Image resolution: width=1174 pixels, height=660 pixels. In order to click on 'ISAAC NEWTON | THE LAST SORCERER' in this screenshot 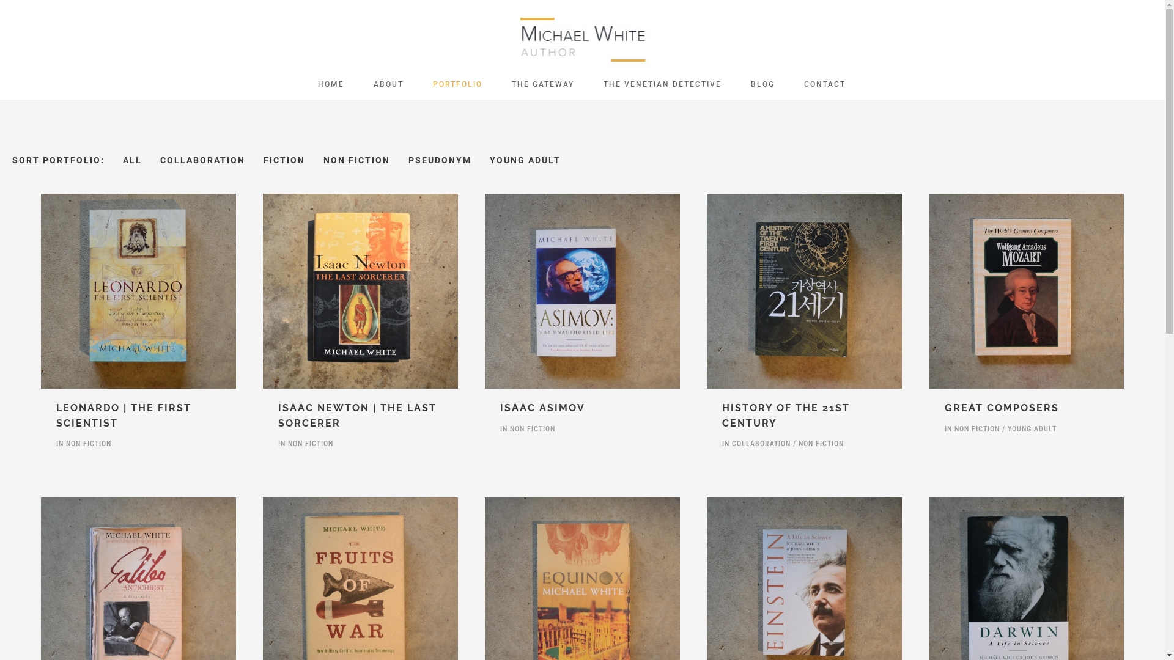, I will do `click(356, 414)`.